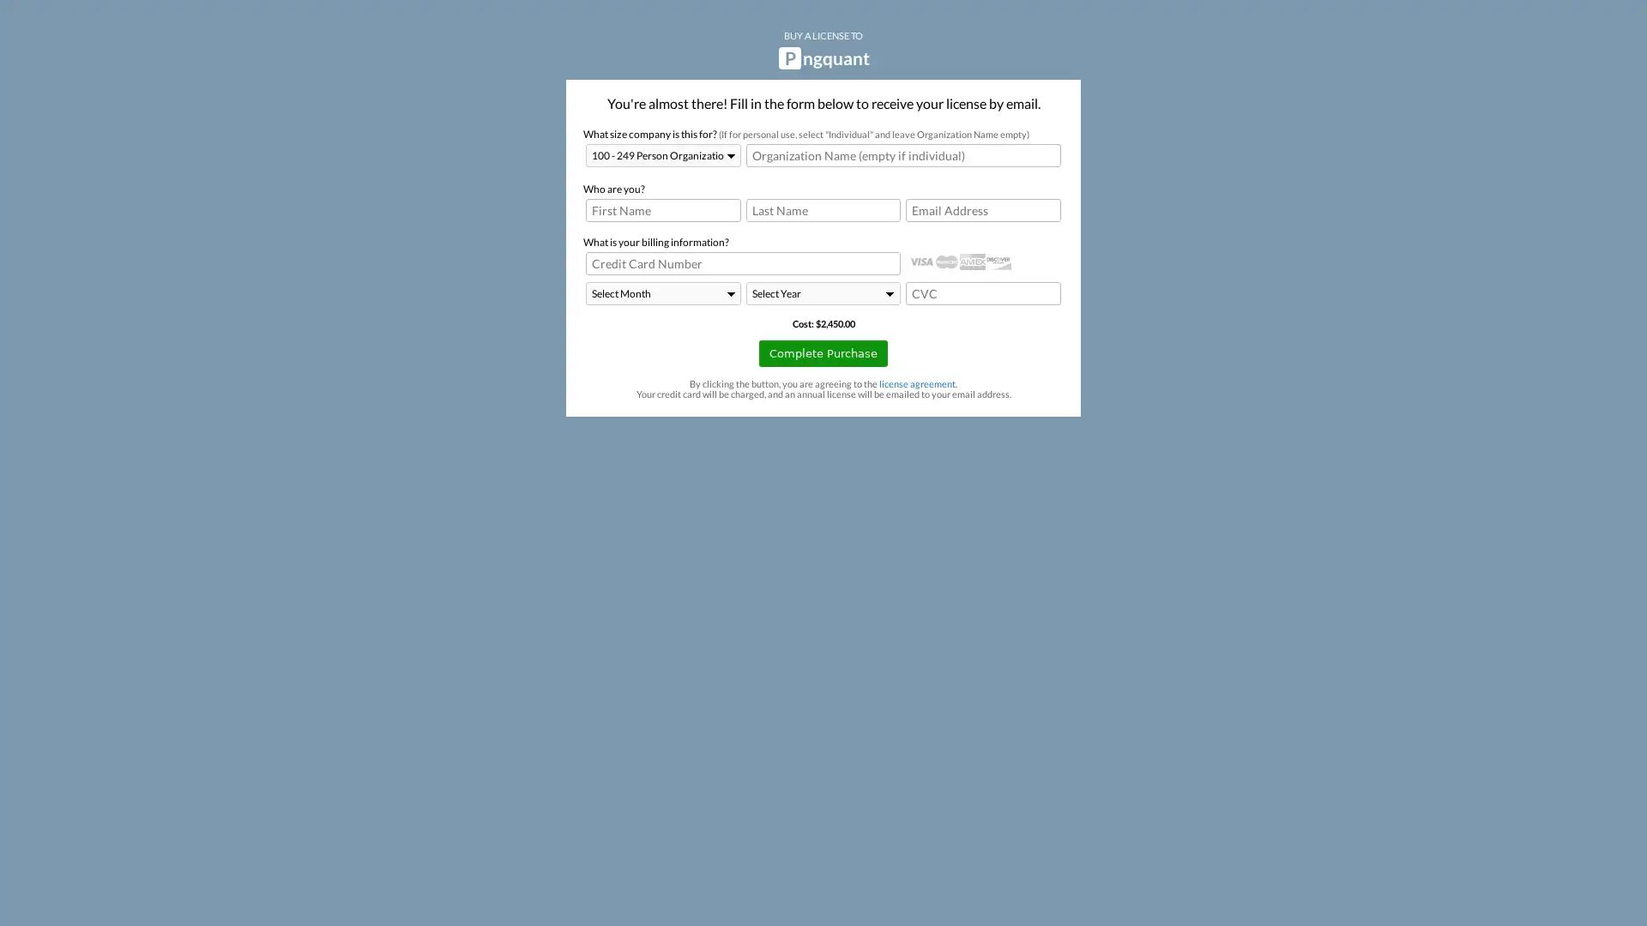  Describe the element at coordinates (823, 352) in the screenshot. I see `Complete Purchase` at that location.